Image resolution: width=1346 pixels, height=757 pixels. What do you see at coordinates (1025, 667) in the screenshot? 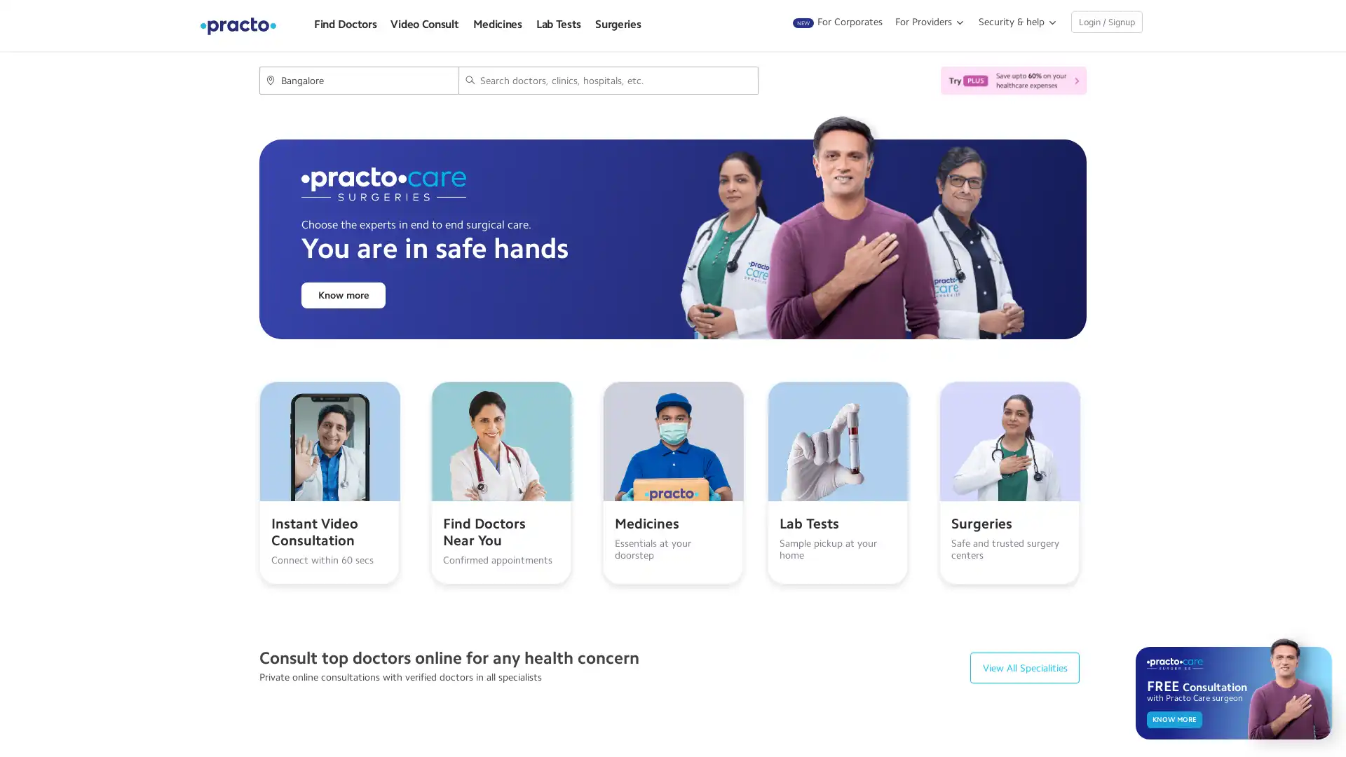
I see `View All Specialities` at bounding box center [1025, 667].